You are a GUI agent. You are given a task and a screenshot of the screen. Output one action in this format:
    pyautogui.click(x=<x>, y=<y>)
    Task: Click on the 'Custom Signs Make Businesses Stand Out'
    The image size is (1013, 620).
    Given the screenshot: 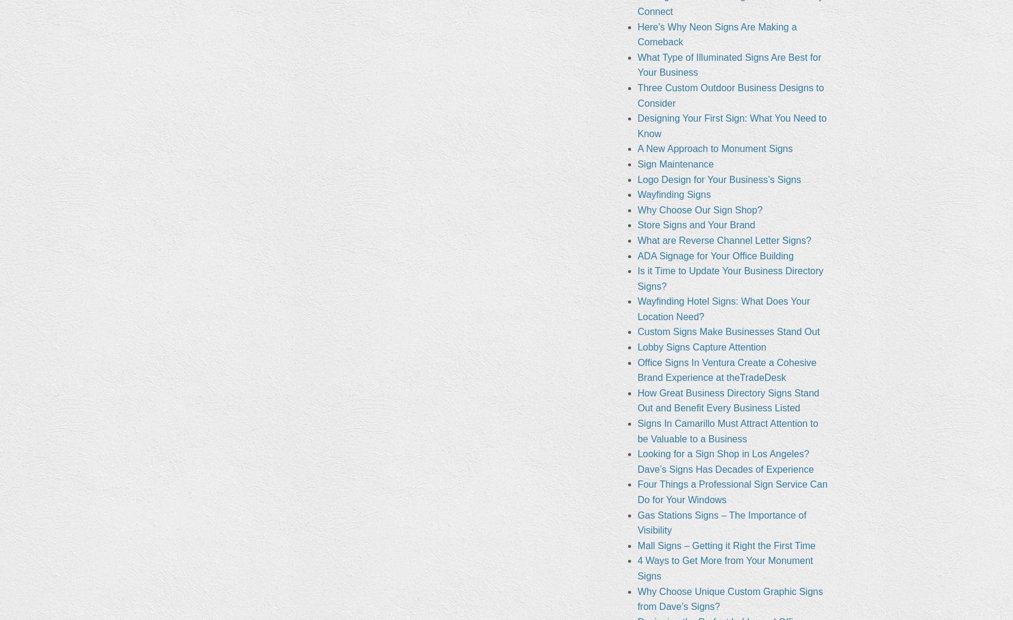 What is the action you would take?
    pyautogui.click(x=727, y=331)
    